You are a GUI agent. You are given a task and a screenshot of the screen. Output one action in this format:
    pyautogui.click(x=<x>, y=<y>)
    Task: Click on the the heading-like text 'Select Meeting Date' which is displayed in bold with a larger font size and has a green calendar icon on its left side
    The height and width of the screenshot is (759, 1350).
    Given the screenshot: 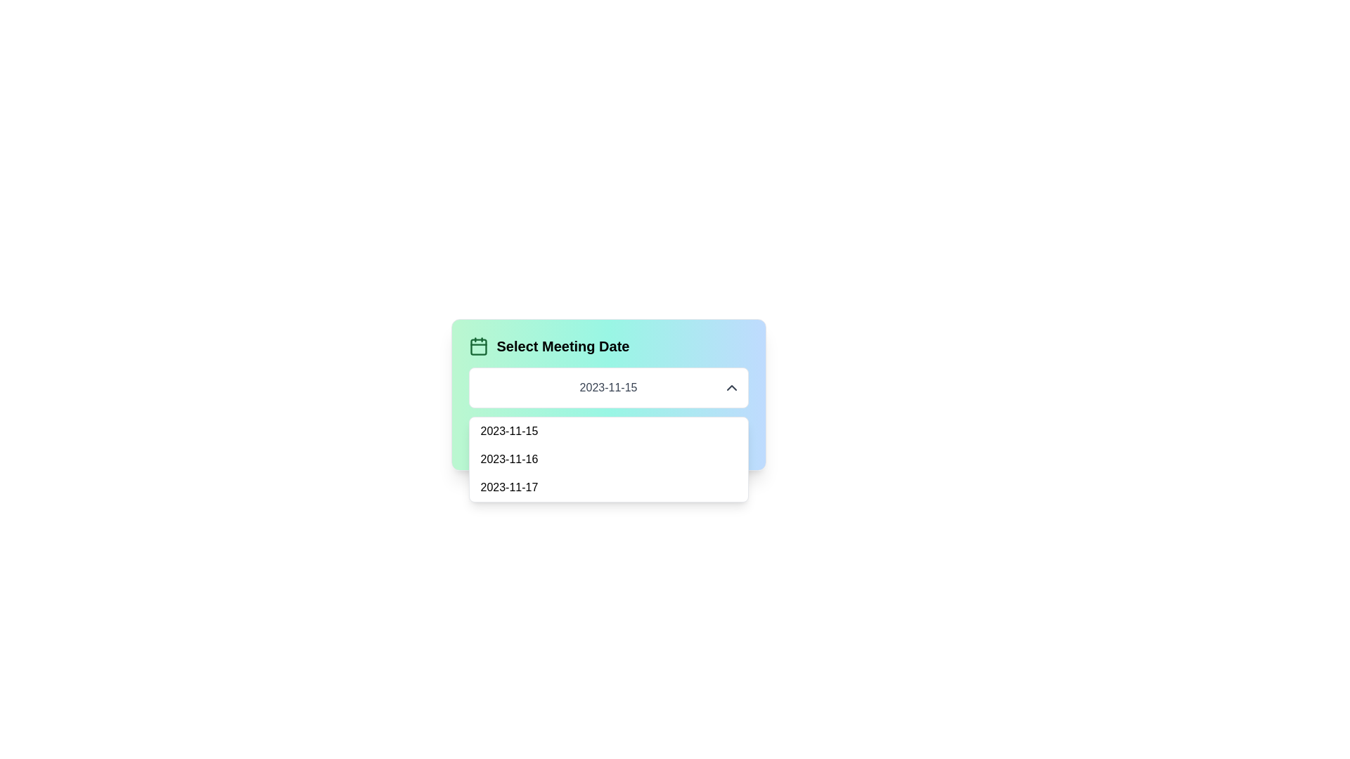 What is the action you would take?
    pyautogui.click(x=608, y=346)
    